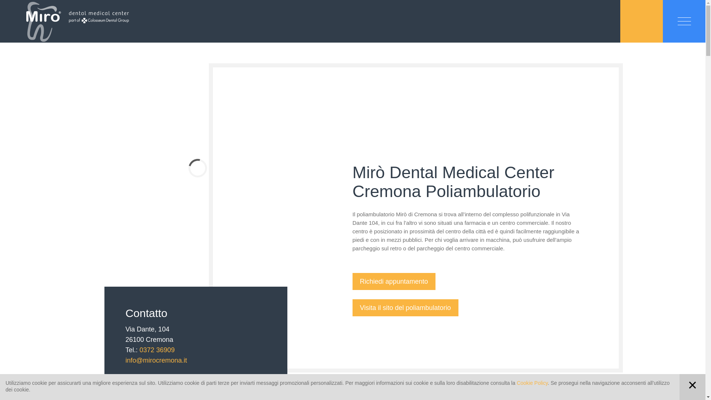  What do you see at coordinates (156, 360) in the screenshot?
I see `'info@mirocremona.it'` at bounding box center [156, 360].